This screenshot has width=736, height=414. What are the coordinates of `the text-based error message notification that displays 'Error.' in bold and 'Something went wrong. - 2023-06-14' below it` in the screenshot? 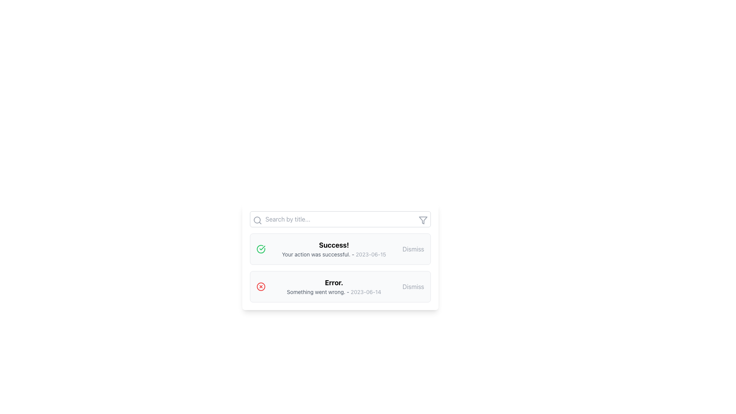 It's located at (334, 287).